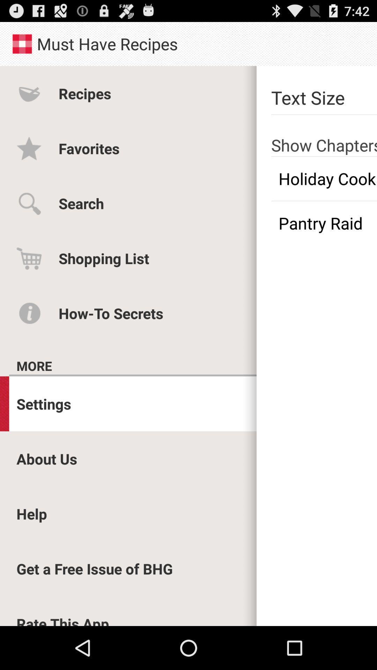  Describe the element at coordinates (47, 459) in the screenshot. I see `the about us` at that location.